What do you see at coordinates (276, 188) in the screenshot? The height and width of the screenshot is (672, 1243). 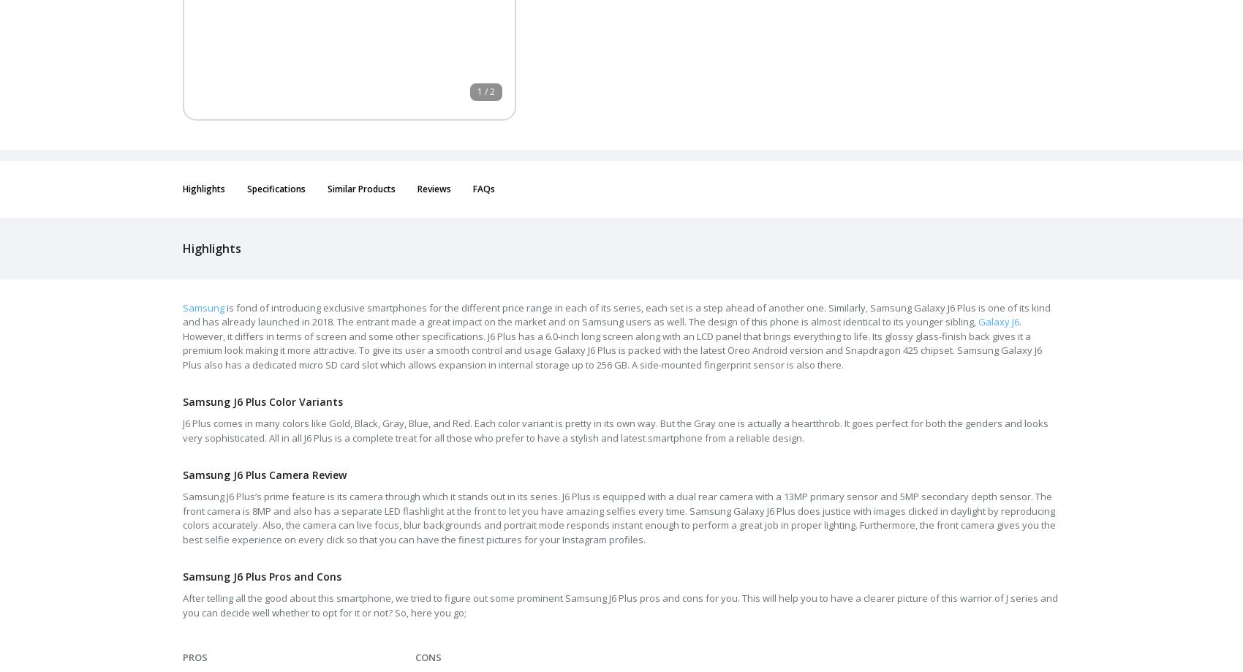 I see `'Specifications'` at bounding box center [276, 188].